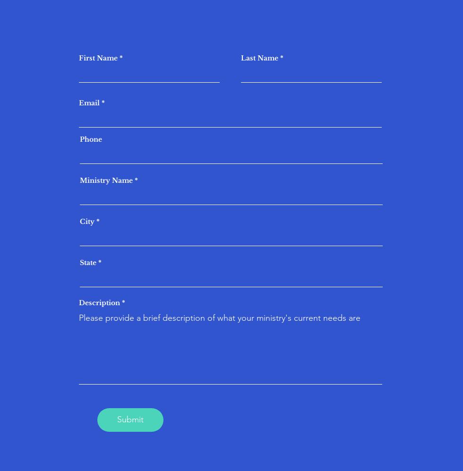  I want to click on 'City', so click(87, 221).